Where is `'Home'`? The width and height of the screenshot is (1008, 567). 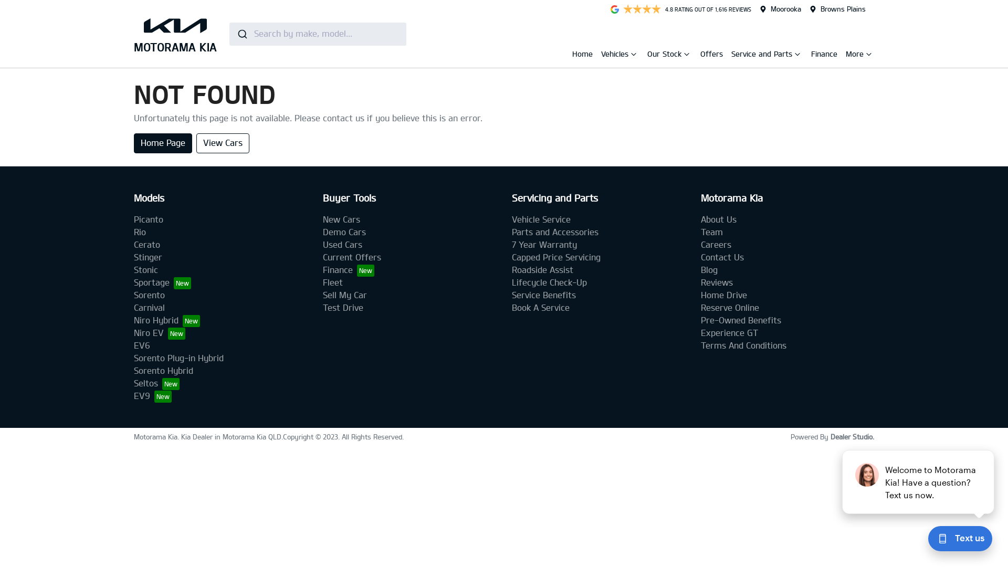
'Home' is located at coordinates (582, 54).